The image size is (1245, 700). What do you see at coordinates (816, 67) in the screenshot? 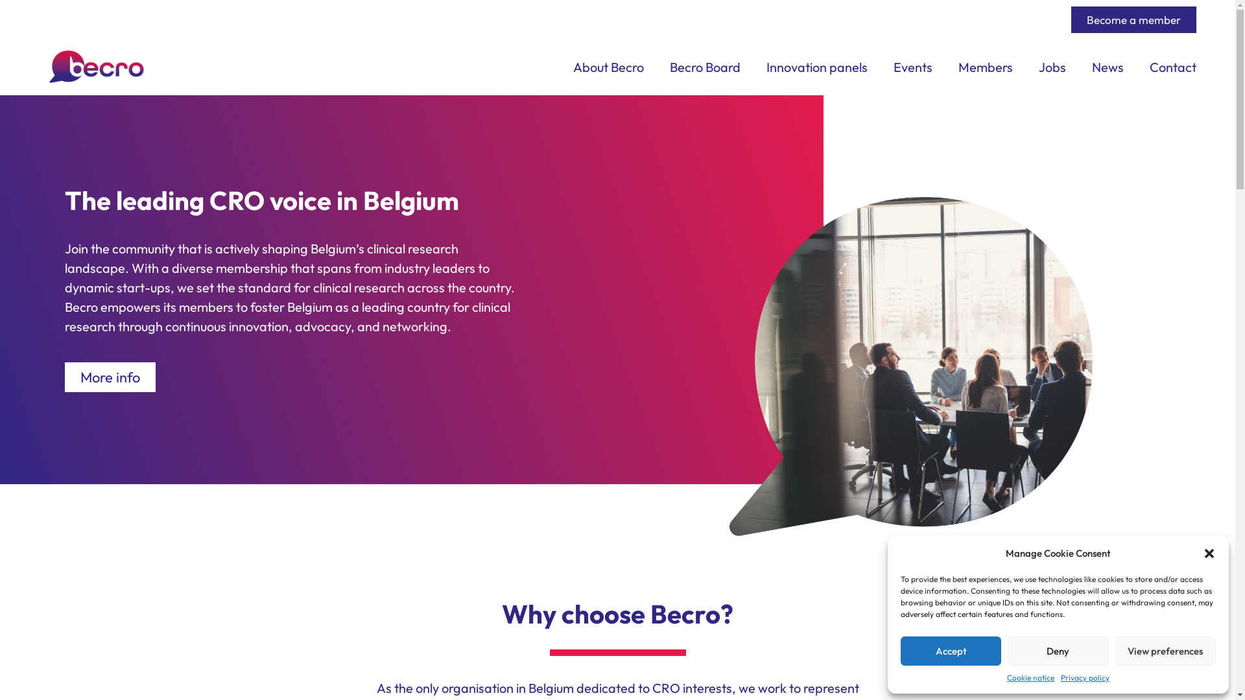
I see `'Innovation panels'` at bounding box center [816, 67].